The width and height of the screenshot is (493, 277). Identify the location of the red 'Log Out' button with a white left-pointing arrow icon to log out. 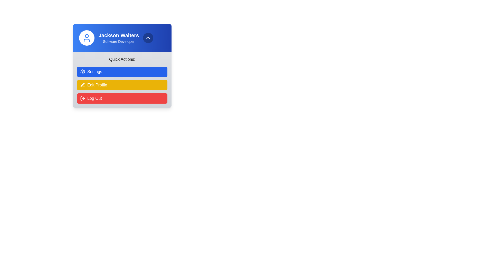
(122, 98).